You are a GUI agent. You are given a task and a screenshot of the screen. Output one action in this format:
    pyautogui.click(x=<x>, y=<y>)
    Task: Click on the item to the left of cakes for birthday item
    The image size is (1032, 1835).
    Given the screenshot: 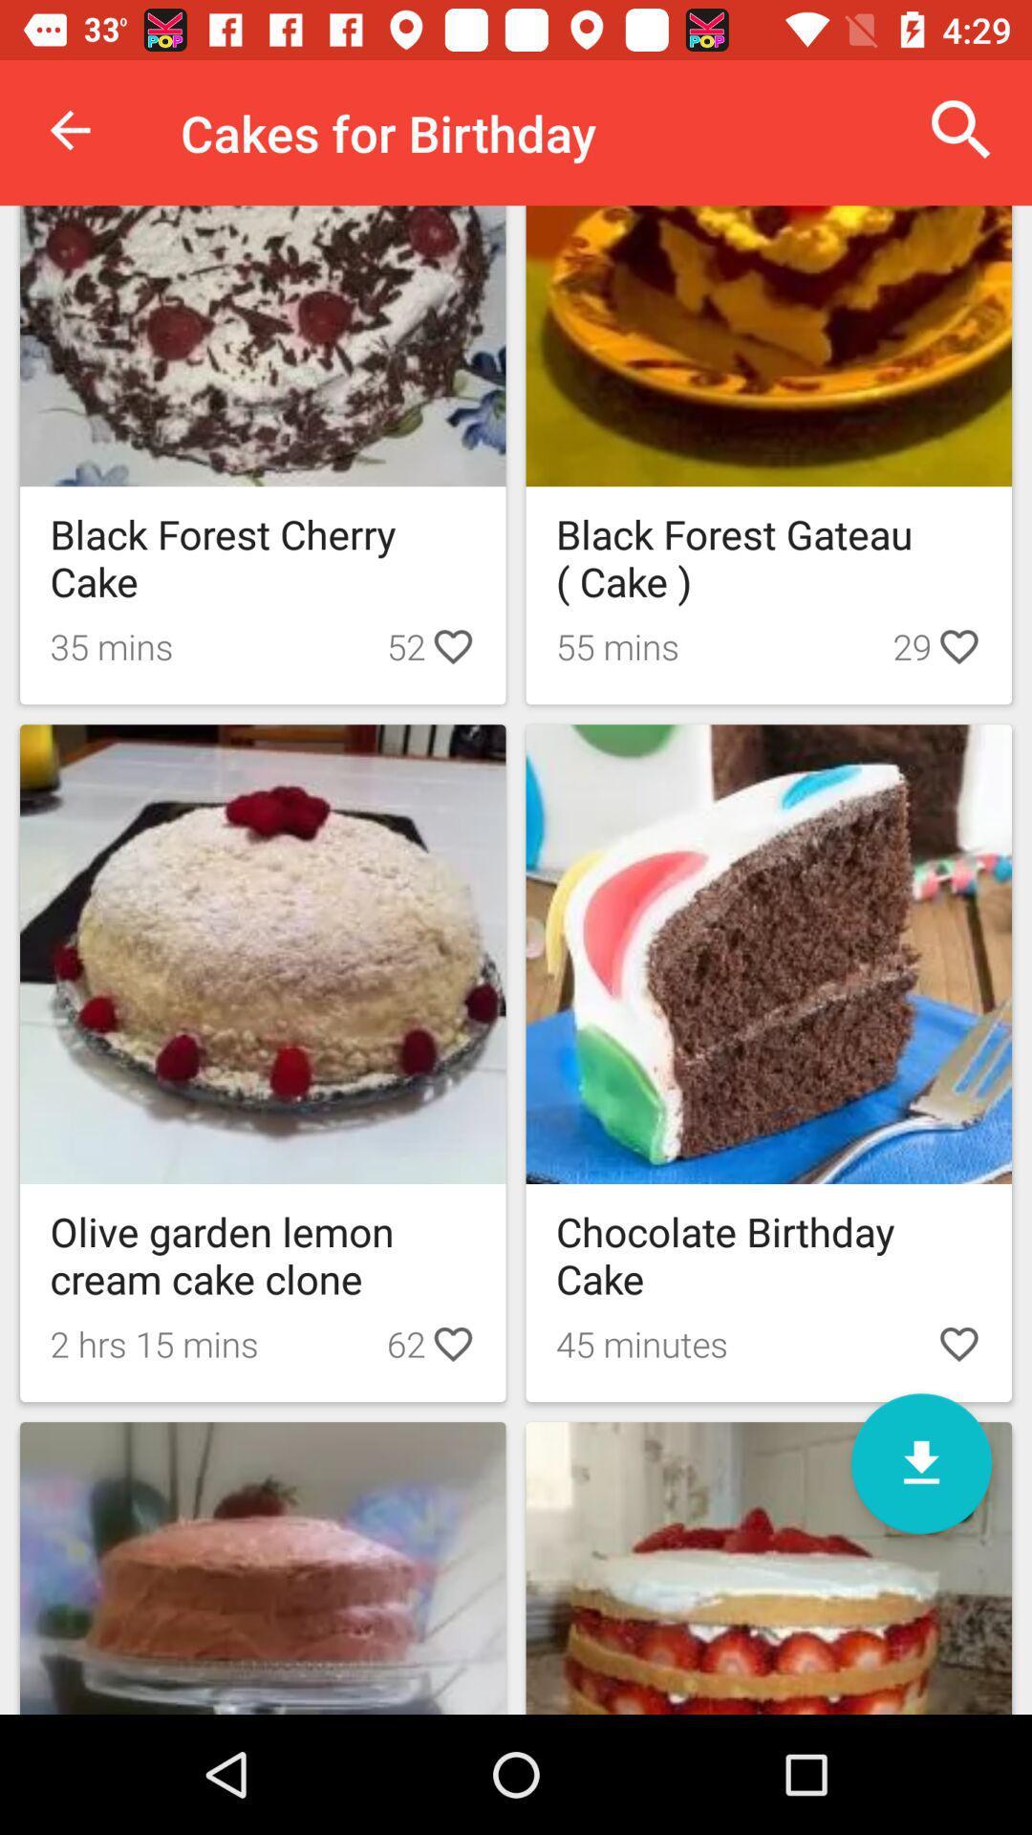 What is the action you would take?
    pyautogui.click(x=69, y=129)
    